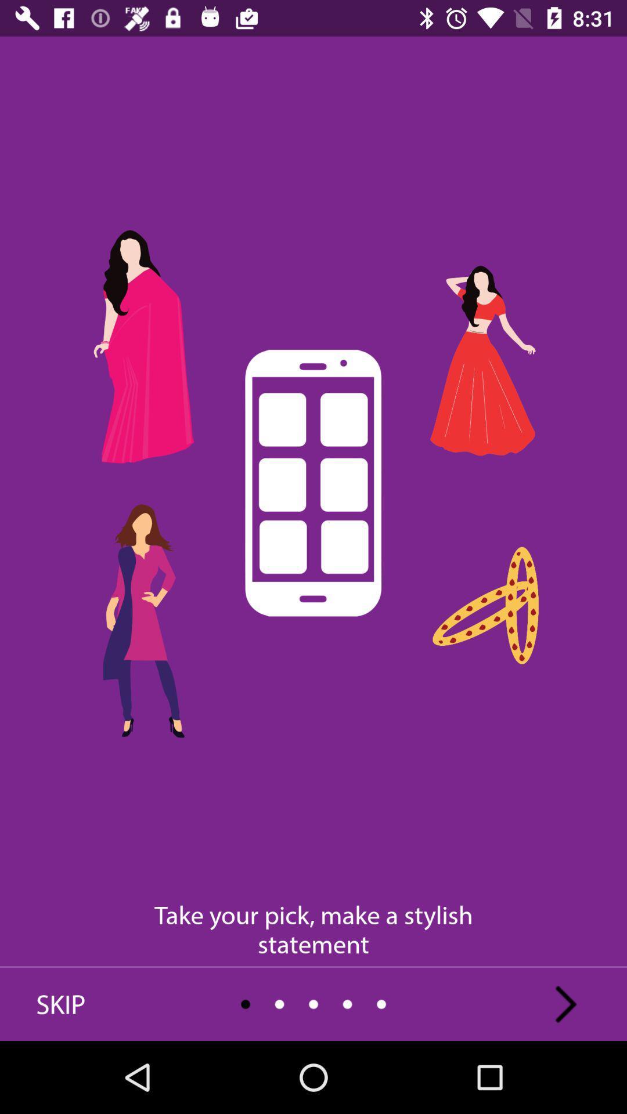 The image size is (627, 1114). I want to click on item at the bottom right corner, so click(565, 1004).